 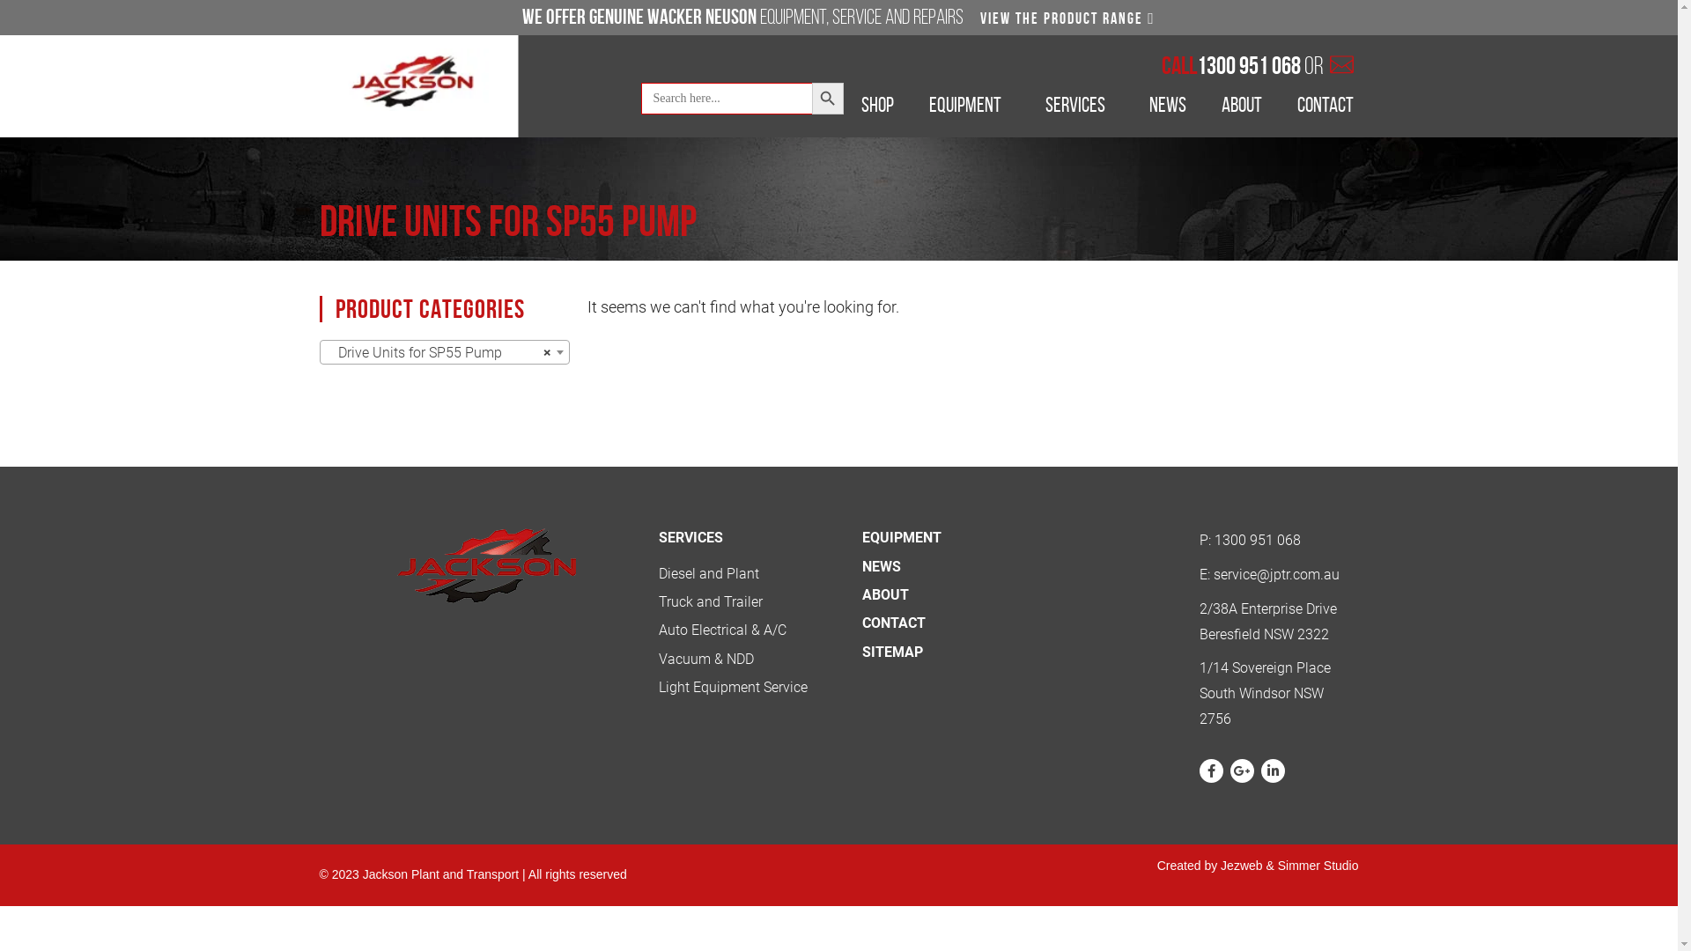 I want to click on '1/14 Sovereign Place South Windsor NSW 2756', so click(x=1272, y=692).